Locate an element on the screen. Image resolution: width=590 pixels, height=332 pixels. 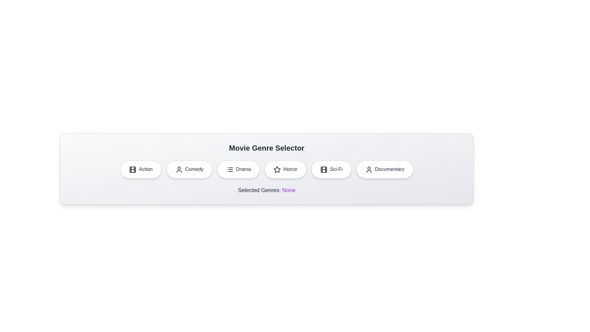
the genre represented is located at coordinates (179, 169).